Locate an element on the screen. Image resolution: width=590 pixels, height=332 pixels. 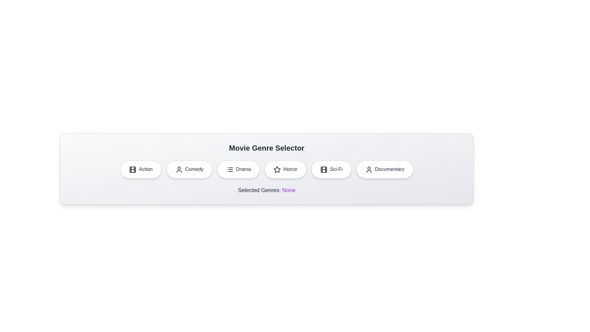
the genre represented is located at coordinates (179, 169).